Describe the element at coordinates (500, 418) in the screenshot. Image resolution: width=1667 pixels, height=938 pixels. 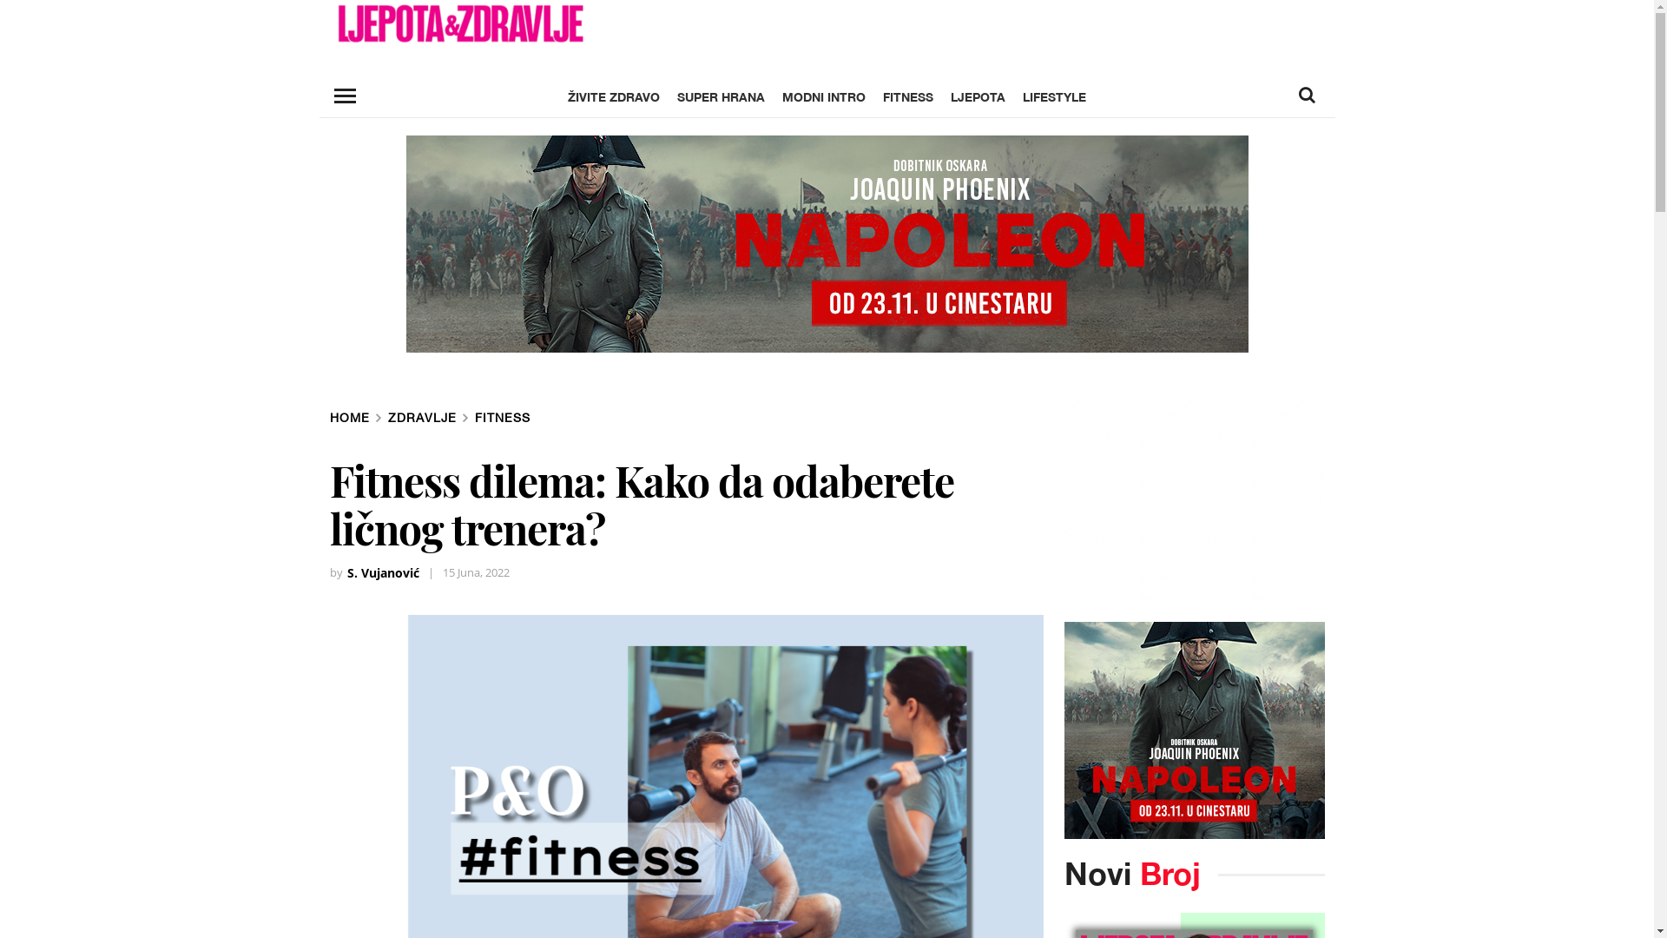
I see `'FITNESS'` at that location.